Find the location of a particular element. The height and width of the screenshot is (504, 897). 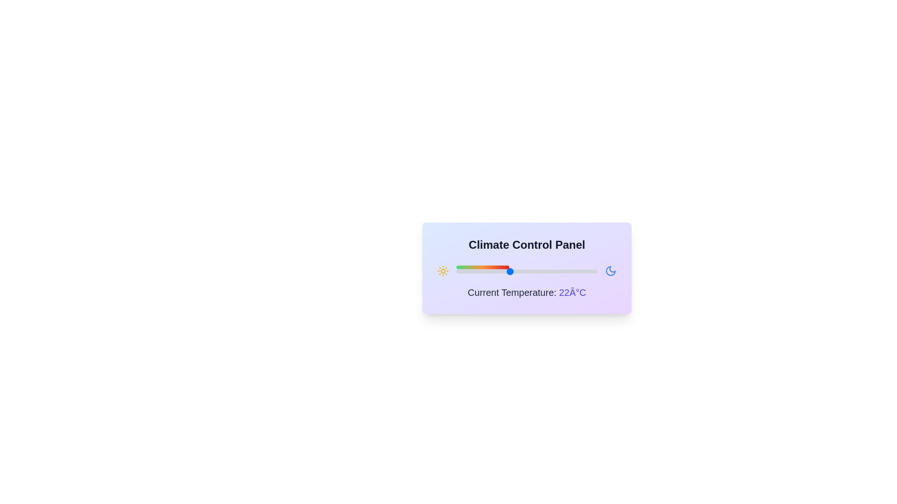

the temperature is located at coordinates (474, 272).